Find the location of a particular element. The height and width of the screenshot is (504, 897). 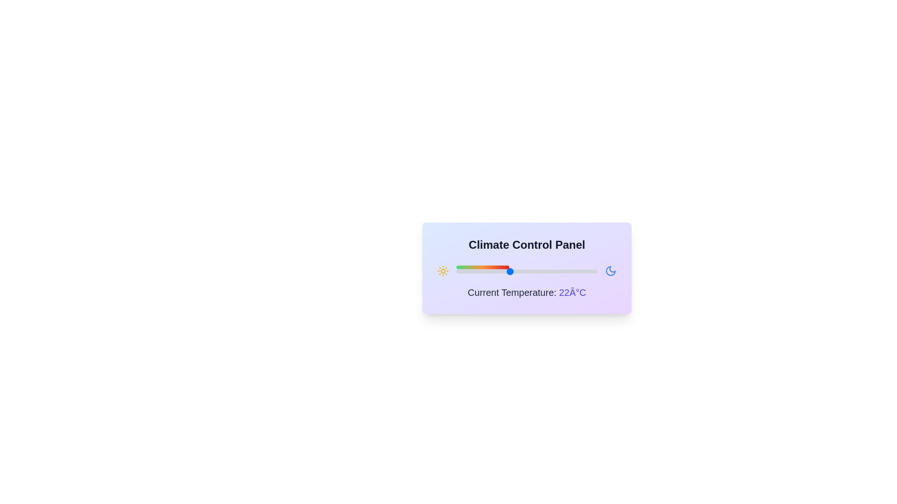

the temperature is located at coordinates (474, 272).